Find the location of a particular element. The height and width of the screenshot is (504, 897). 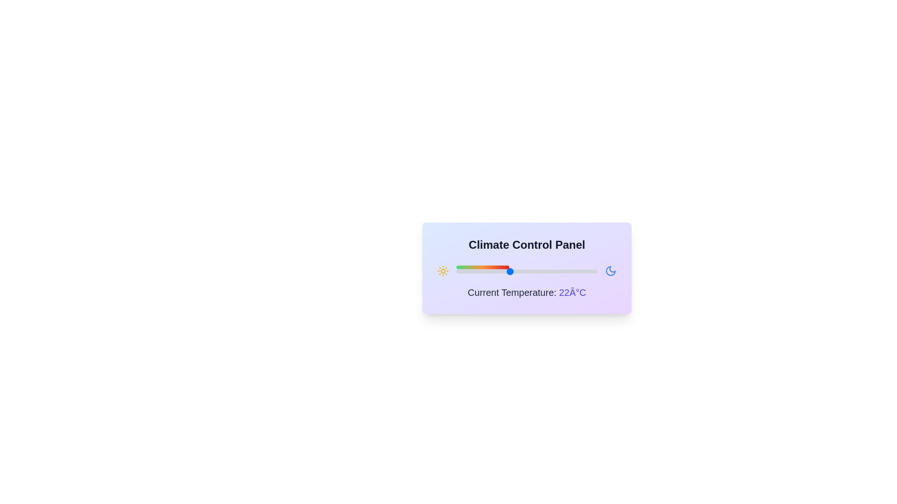

the temperature is located at coordinates (474, 272).